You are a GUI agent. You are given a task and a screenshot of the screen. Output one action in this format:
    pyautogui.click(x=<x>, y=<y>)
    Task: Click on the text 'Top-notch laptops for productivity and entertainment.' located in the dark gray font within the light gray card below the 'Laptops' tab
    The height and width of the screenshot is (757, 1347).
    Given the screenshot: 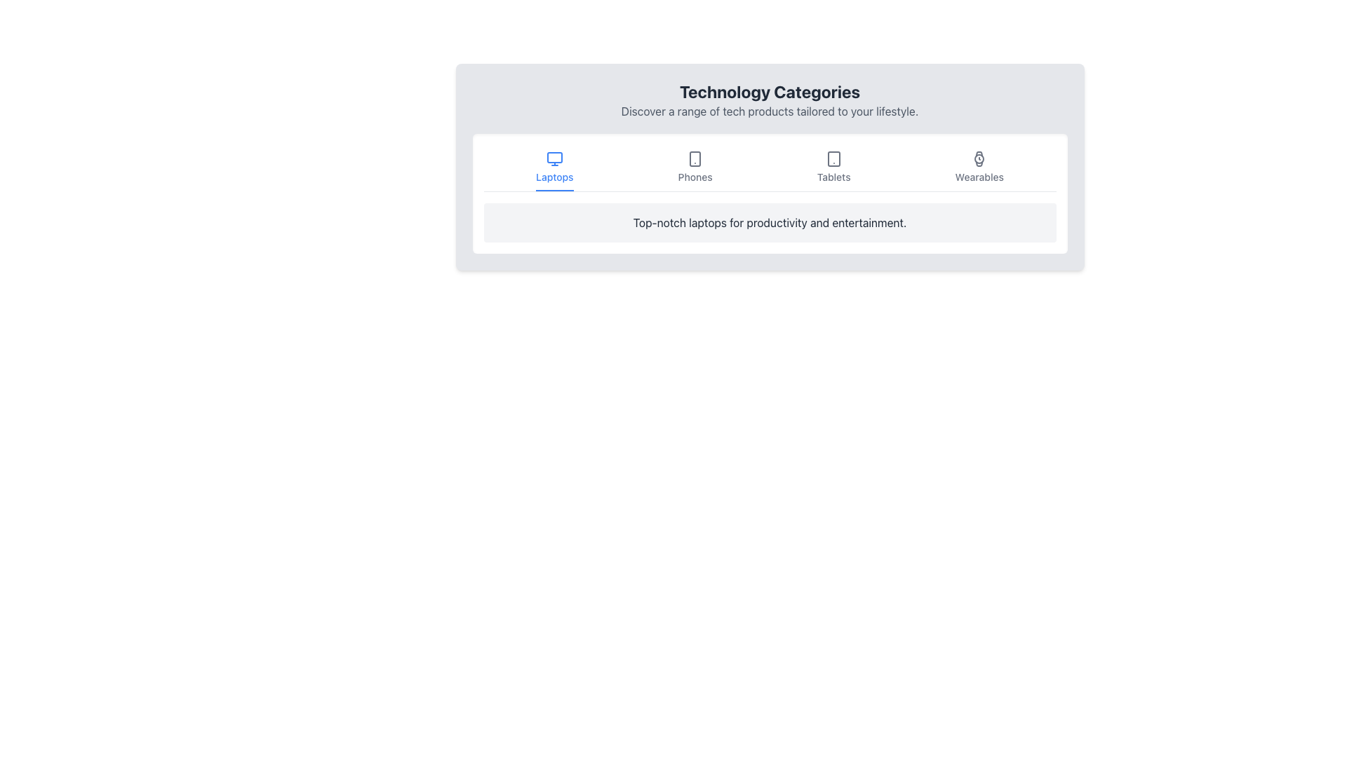 What is the action you would take?
    pyautogui.click(x=769, y=221)
    